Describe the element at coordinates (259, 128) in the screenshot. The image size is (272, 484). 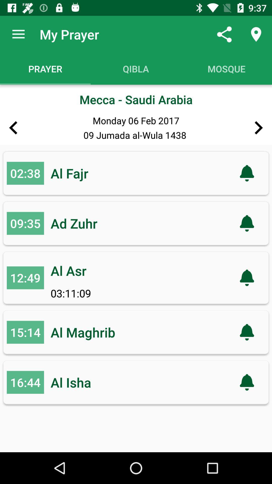
I see `the right arrow above the bell symbol` at that location.